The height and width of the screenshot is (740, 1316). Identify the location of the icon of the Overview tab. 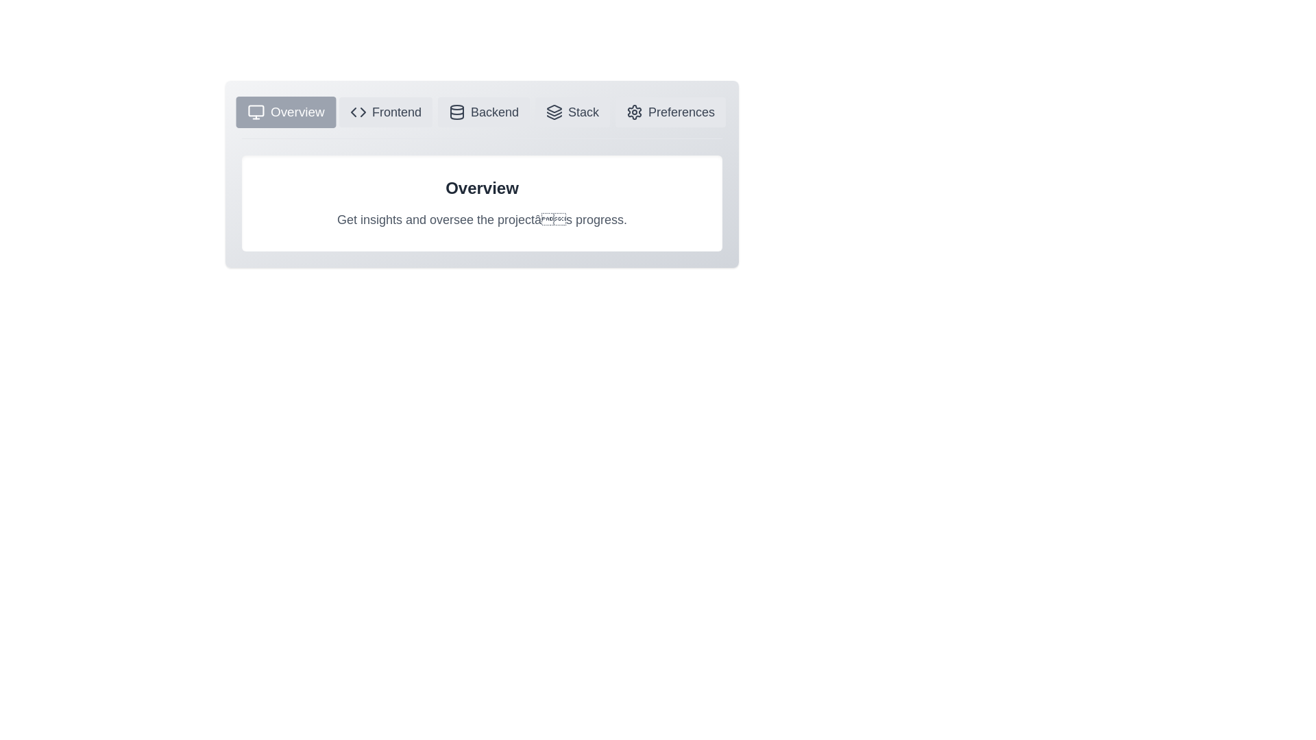
(285, 112).